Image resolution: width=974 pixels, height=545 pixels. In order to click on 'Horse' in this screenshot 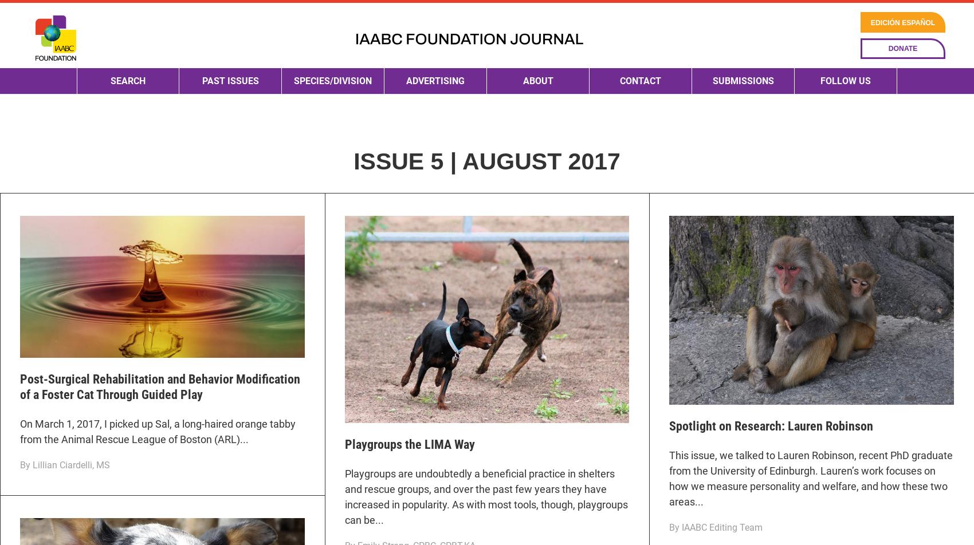, I will do `click(304, 220)`.